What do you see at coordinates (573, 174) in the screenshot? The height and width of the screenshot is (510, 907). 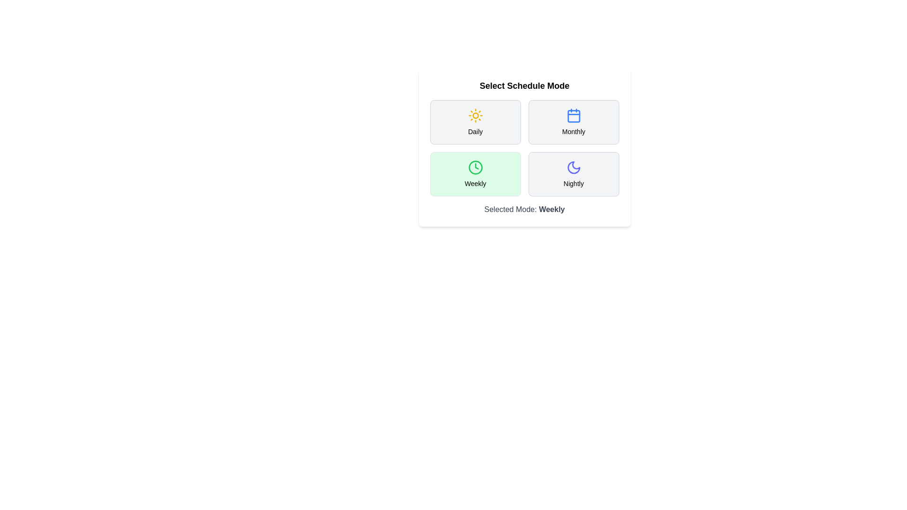 I see `the mode button for Nightly` at bounding box center [573, 174].